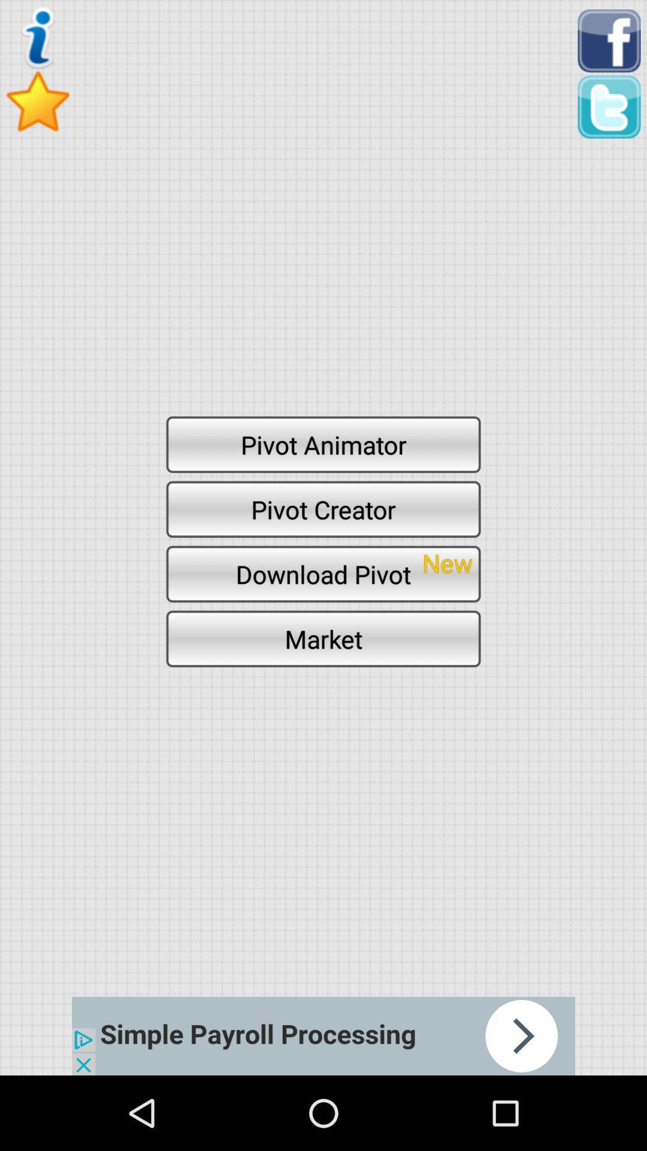 The height and width of the screenshot is (1151, 647). I want to click on the market icon, so click(323, 638).